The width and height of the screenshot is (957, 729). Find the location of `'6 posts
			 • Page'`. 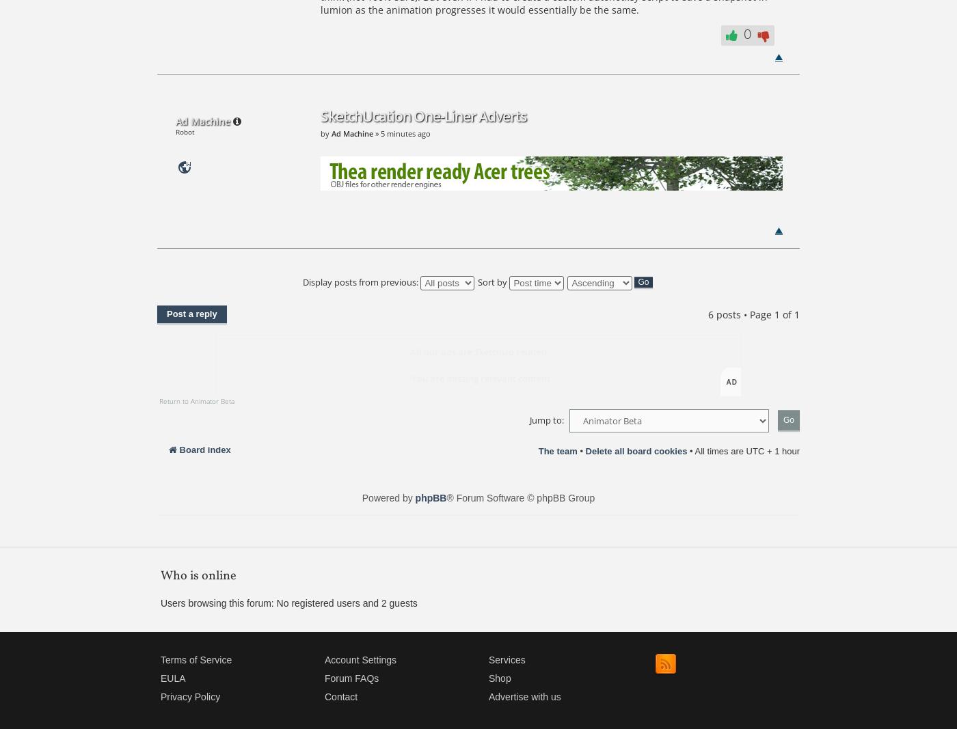

'6 posts
			 • Page' is located at coordinates (741, 313).